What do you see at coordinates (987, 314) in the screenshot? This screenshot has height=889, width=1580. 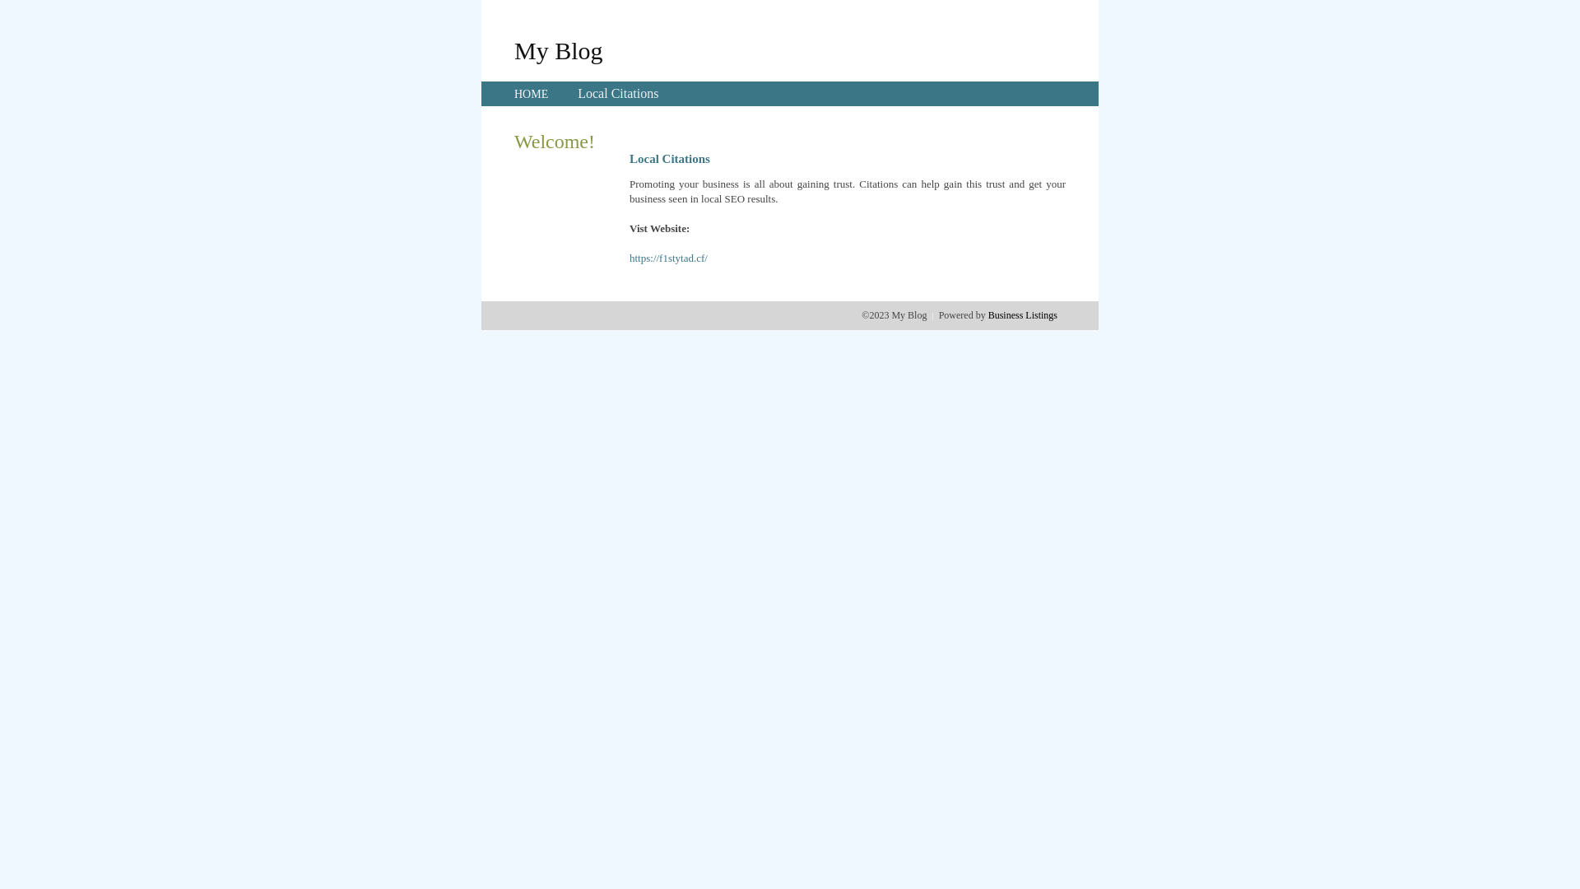 I see `'Business Listings'` at bounding box center [987, 314].